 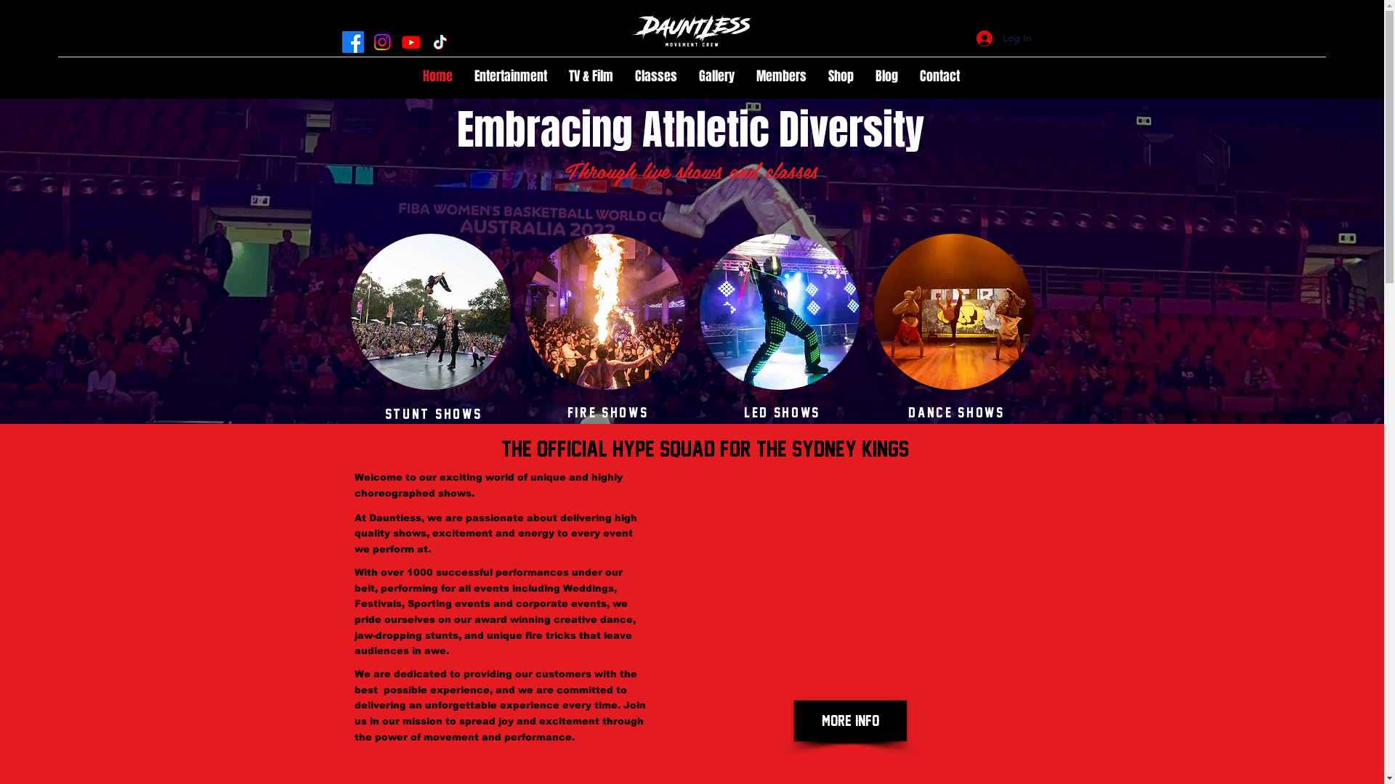 I want to click on 'Log In', so click(x=1003, y=37).